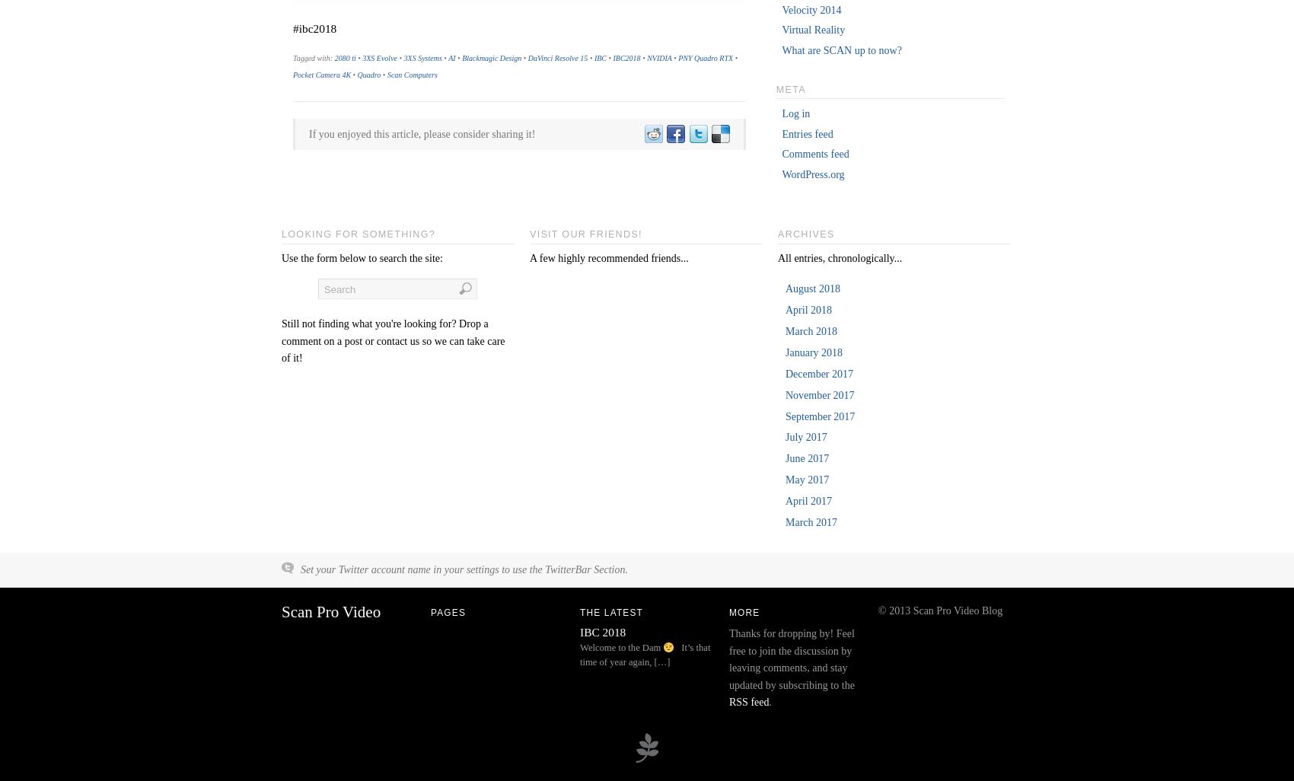 The height and width of the screenshot is (781, 1294). Describe the element at coordinates (805, 436) in the screenshot. I see `'July 2017'` at that location.